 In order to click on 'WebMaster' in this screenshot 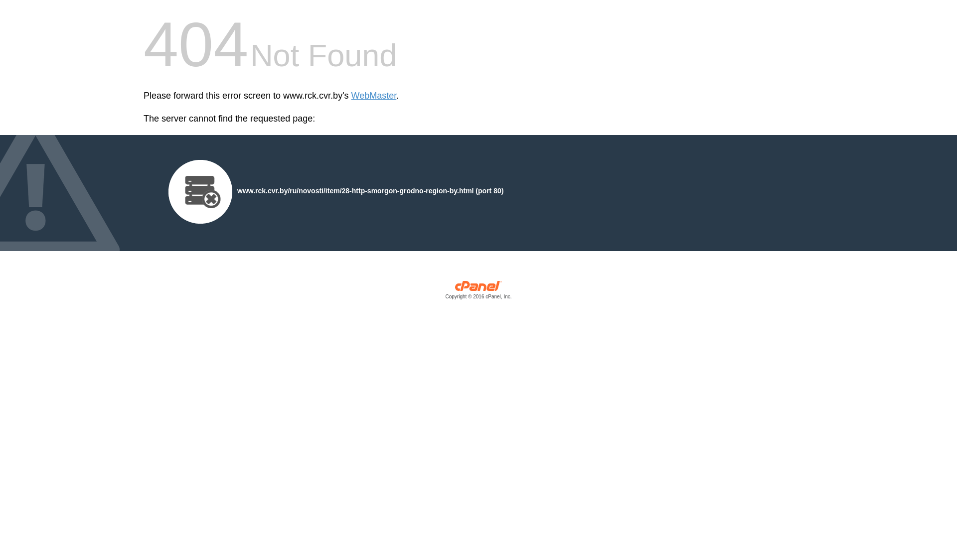, I will do `click(373, 96)`.